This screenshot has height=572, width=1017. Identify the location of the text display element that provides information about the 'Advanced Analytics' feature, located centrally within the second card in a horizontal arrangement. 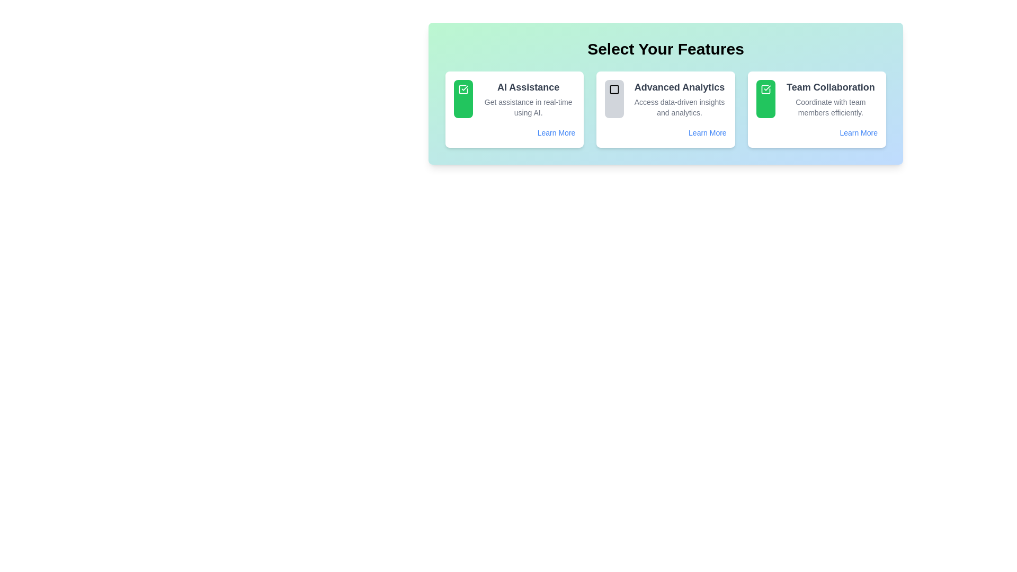
(679, 99).